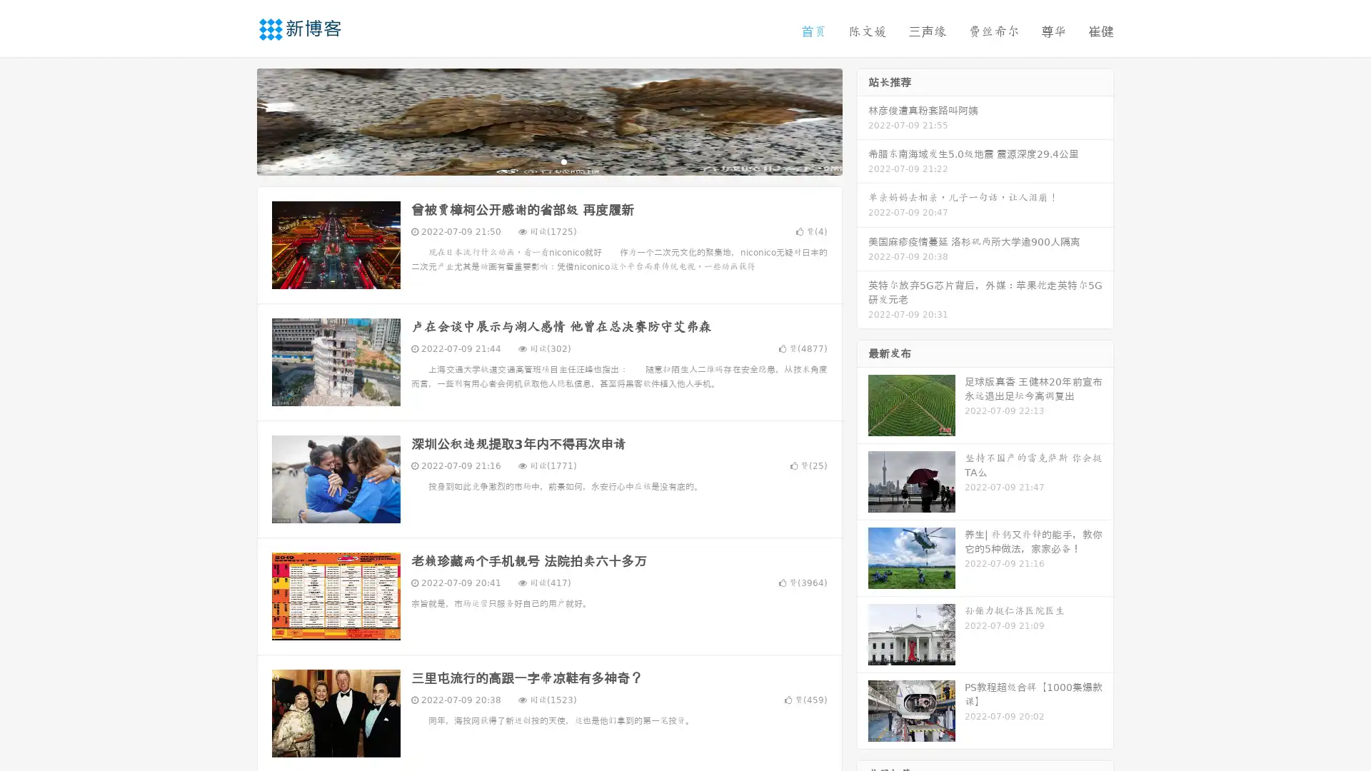 The height and width of the screenshot is (771, 1371). What do you see at coordinates (548, 161) in the screenshot?
I see `Go to slide 2` at bounding box center [548, 161].